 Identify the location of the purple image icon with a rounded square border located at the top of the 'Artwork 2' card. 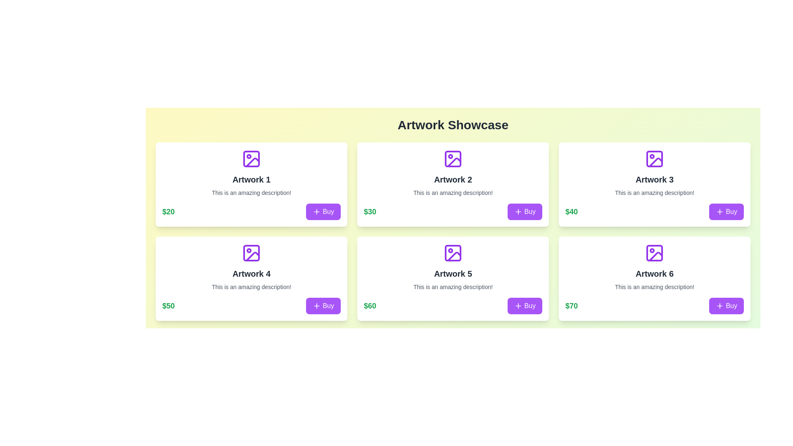
(453, 159).